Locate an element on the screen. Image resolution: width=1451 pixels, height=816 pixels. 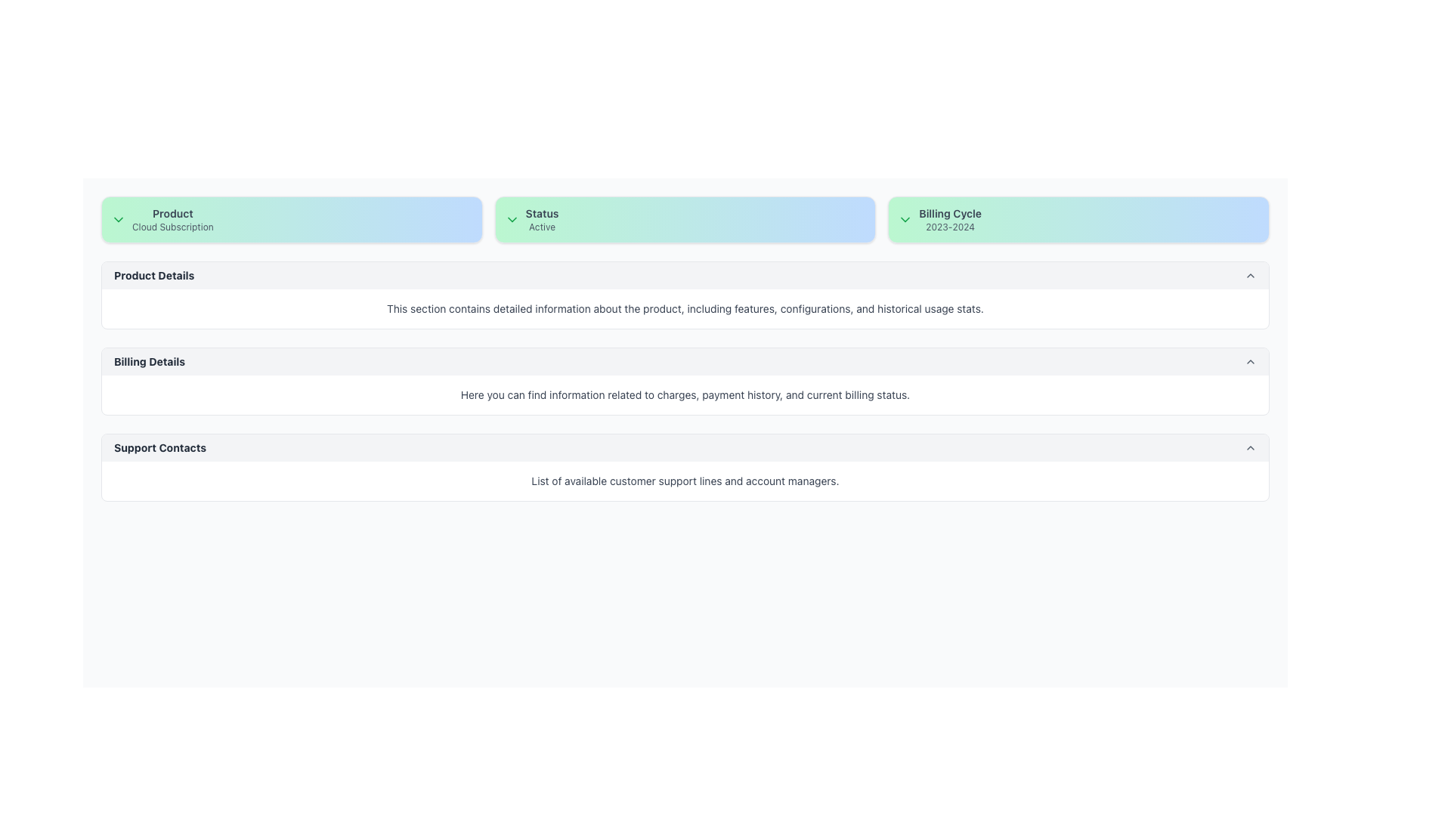
the small upward-pointing chevron icon in gray next to the 'Product Details' label is located at coordinates (1251, 276).